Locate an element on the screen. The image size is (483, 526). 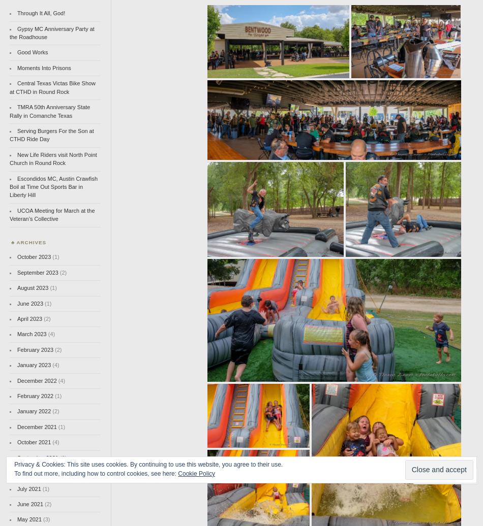
'February 2022' is located at coordinates (35, 396).